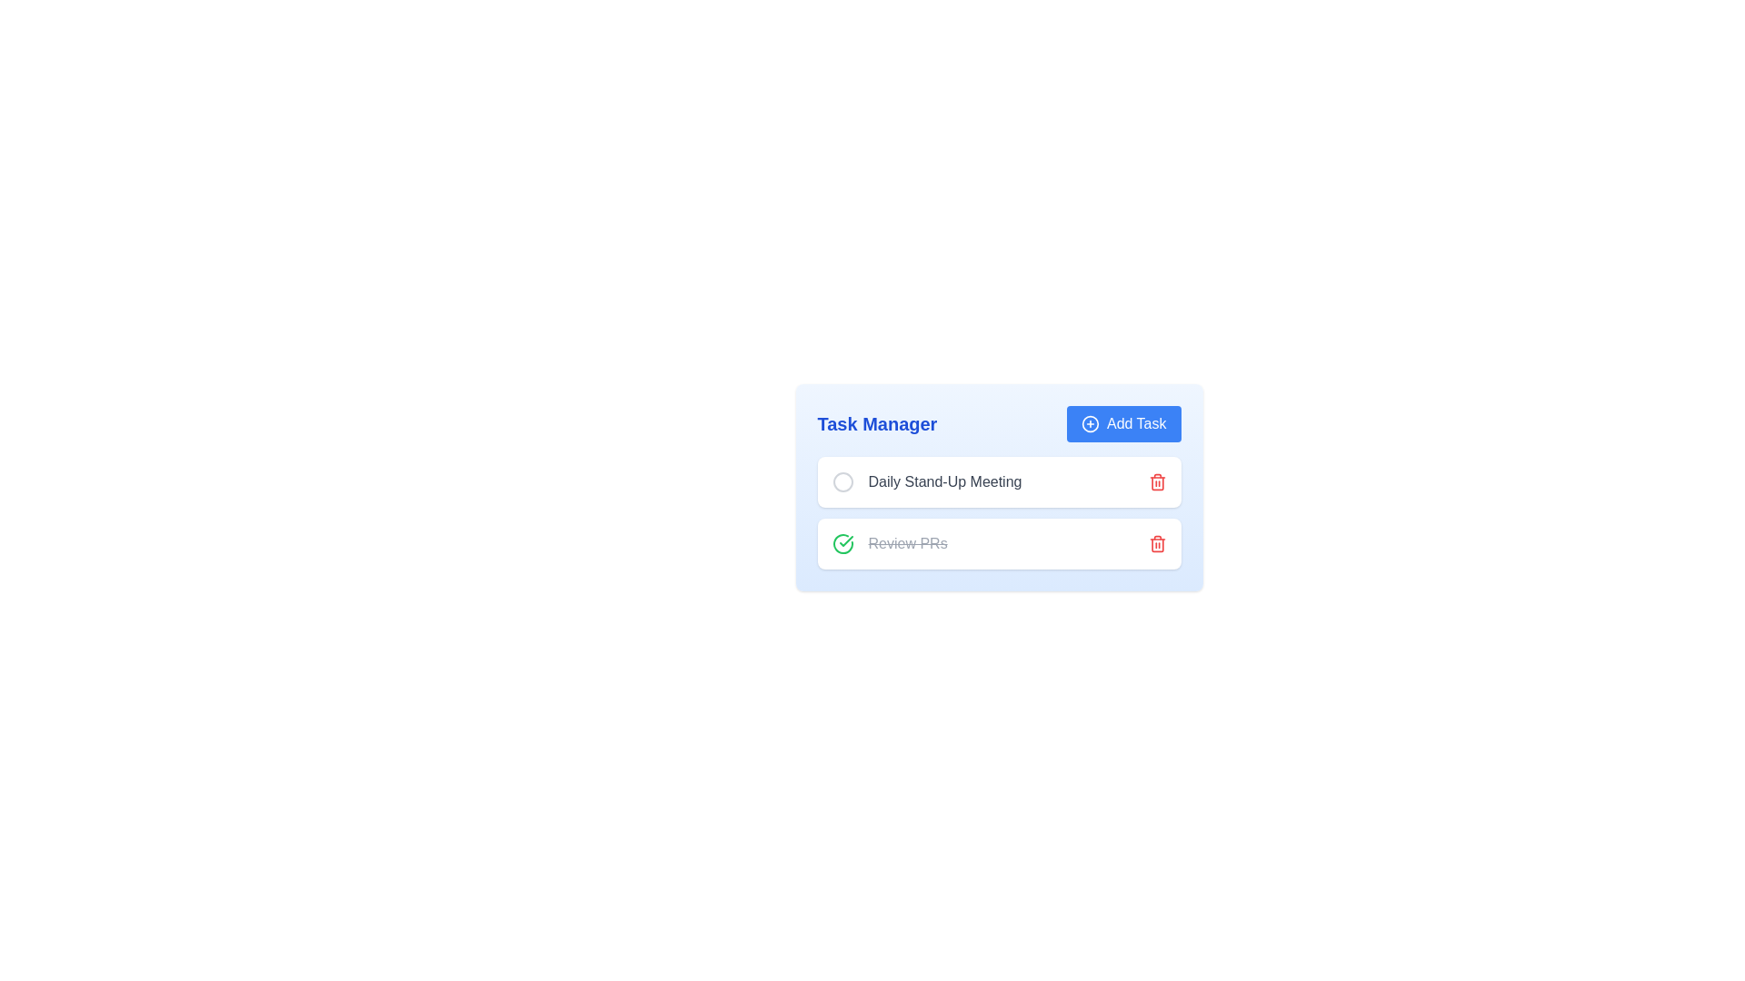  What do you see at coordinates (1091, 423) in the screenshot?
I see `the addition function icon located to the left of the 'Add Task' text within the blue rectangular button in the top-right portion of the task management interface` at bounding box center [1091, 423].